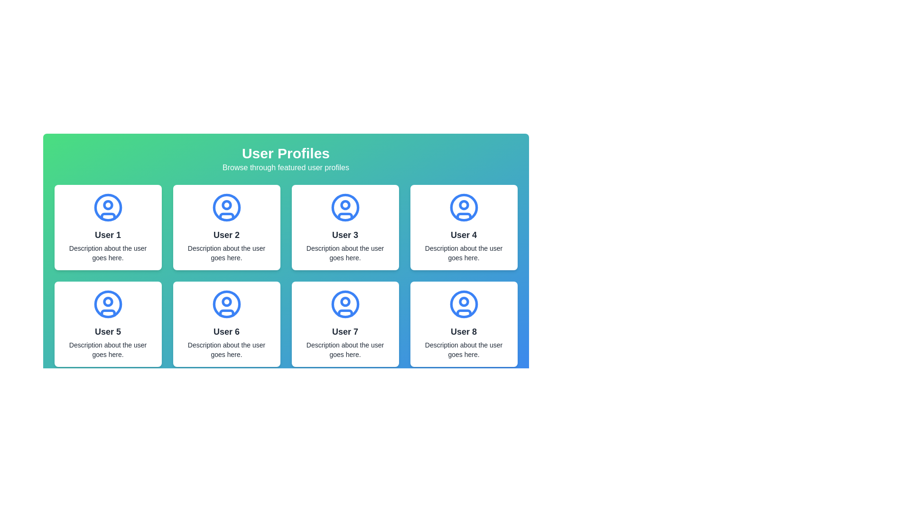  I want to click on the text label that contains the description 'Description about the user goes here.' located in the user profile card for 'User 7', situated in the lower section below the username, so click(344, 349).